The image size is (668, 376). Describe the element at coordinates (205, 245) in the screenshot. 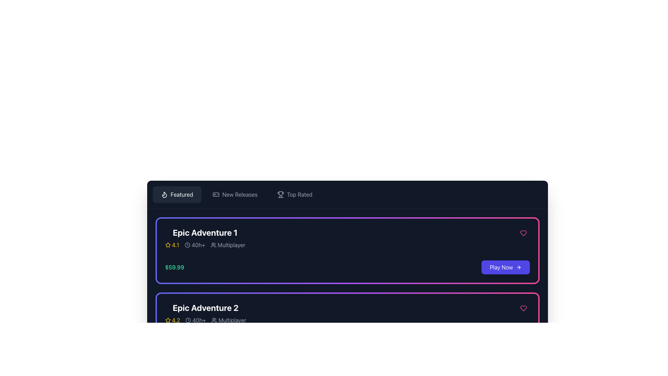

I see `information displayed in the structured row of information with embedded icons and text labels below the title of the 'Epic Adventure 1' card` at that location.